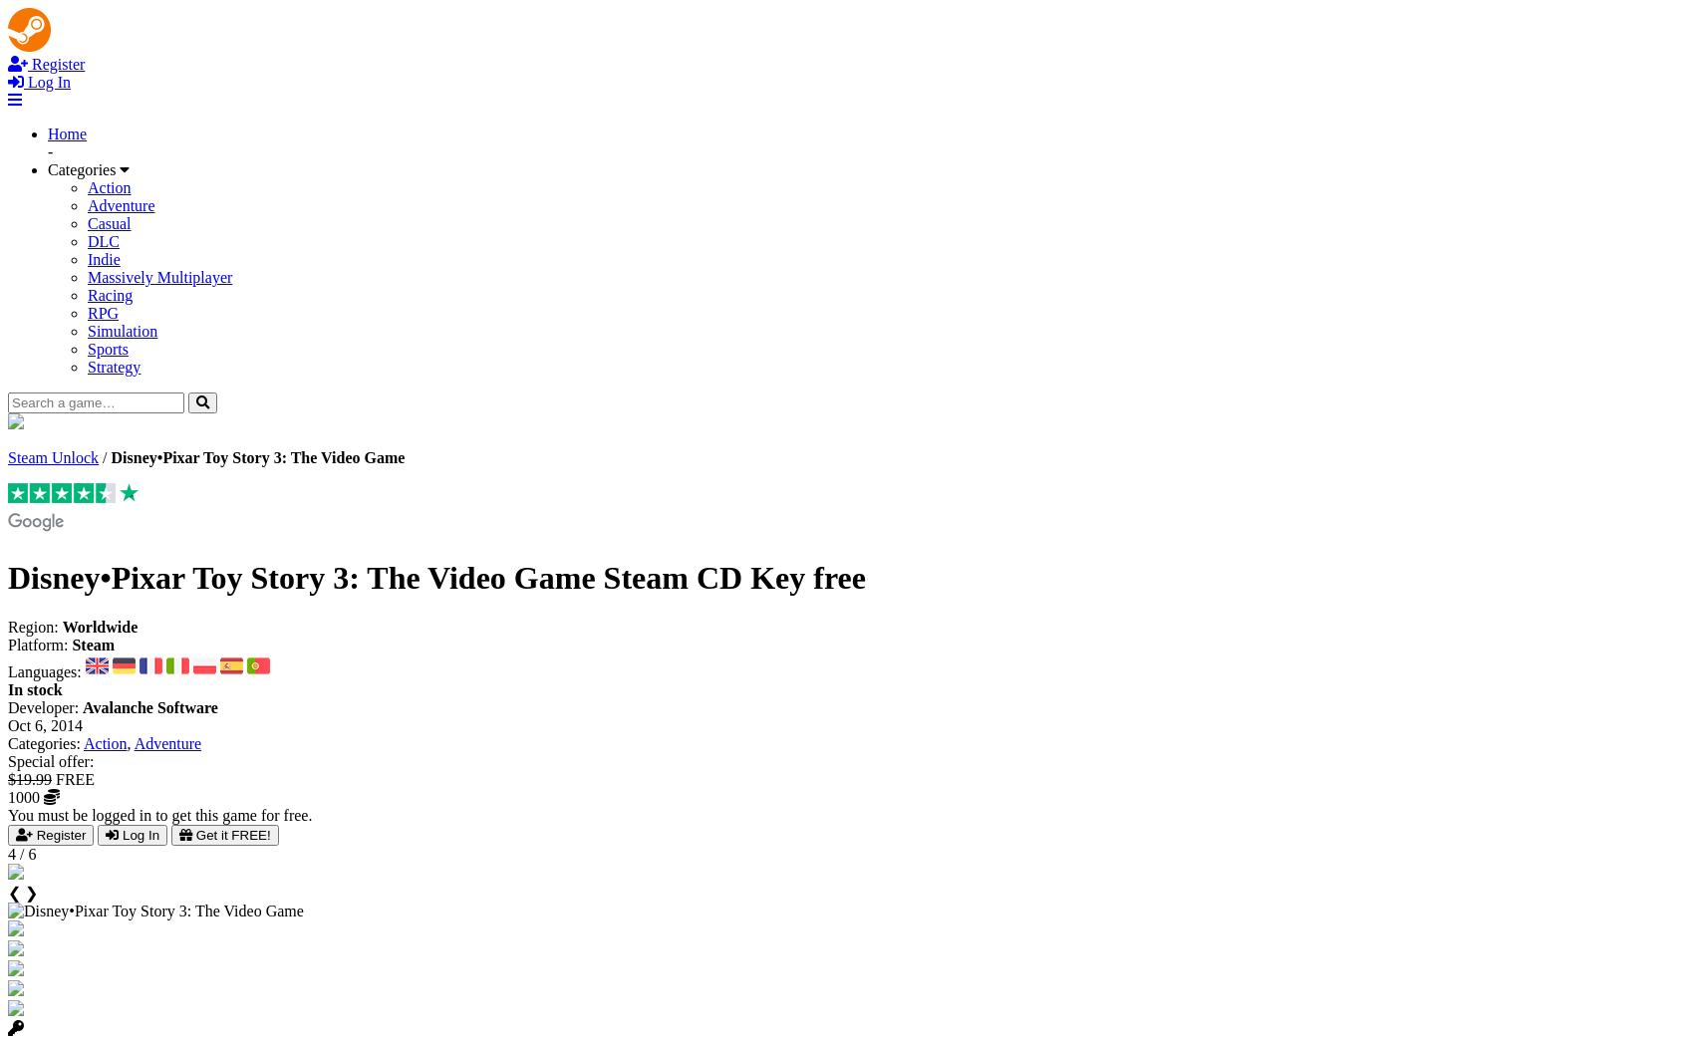  I want to click on 'Region:', so click(7, 625).